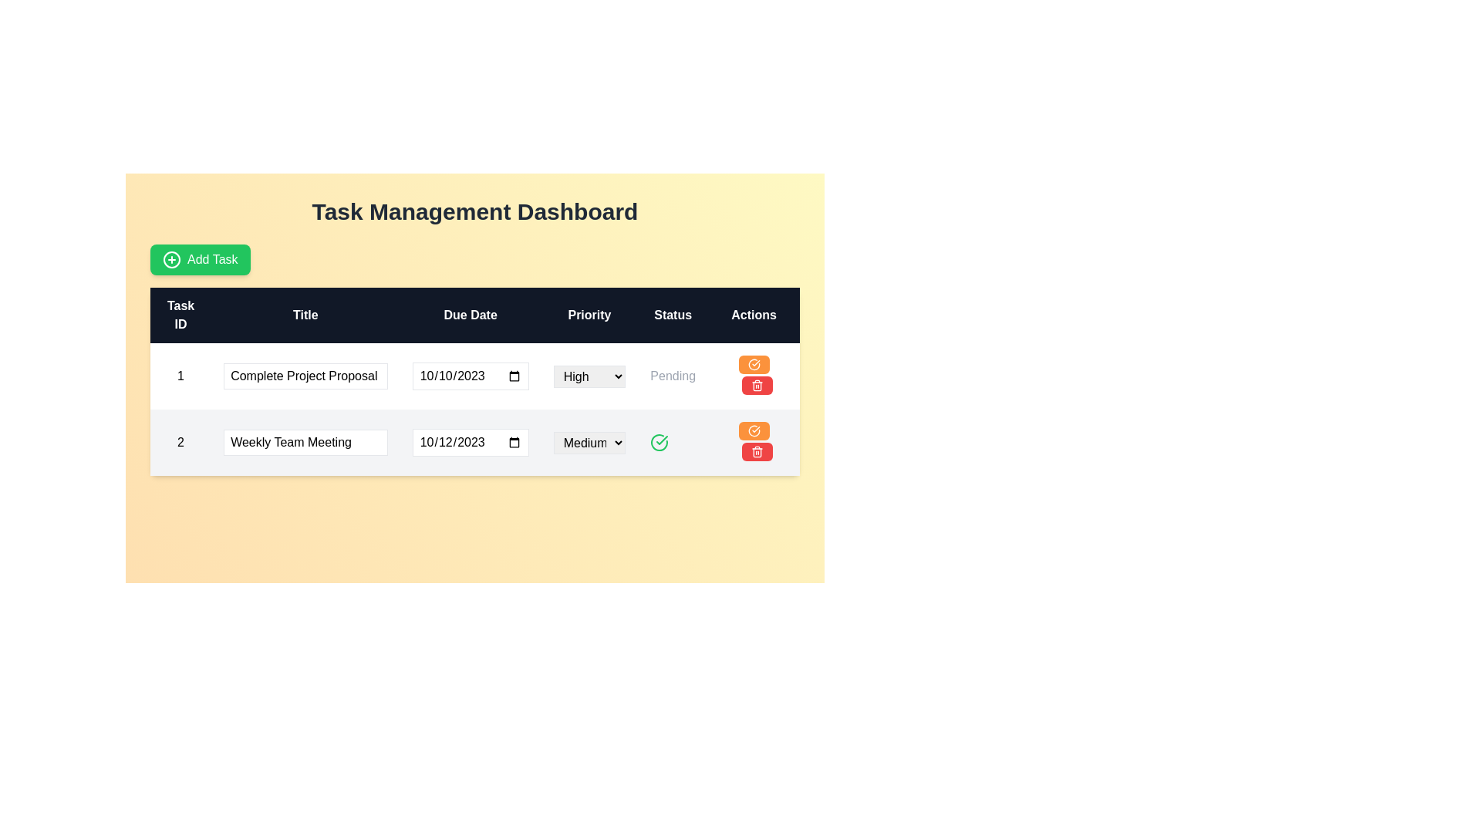 The width and height of the screenshot is (1481, 833). Describe the element at coordinates (757, 385) in the screenshot. I see `the red rectangular button with a white trash icon located in the 'Actions' column of the table, adjacent to the orange edit button` at that location.